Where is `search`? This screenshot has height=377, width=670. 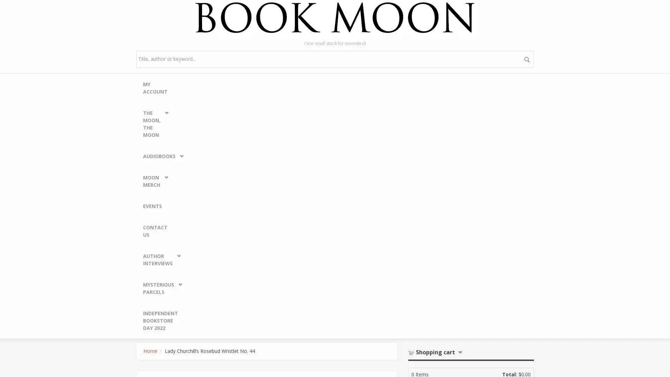 search is located at coordinates (527, 59).